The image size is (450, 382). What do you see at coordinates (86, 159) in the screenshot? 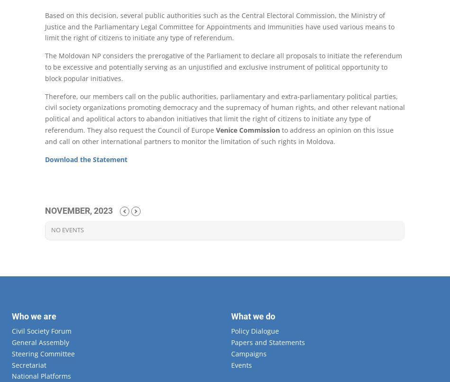
I see `'Download the Statement'` at bounding box center [86, 159].